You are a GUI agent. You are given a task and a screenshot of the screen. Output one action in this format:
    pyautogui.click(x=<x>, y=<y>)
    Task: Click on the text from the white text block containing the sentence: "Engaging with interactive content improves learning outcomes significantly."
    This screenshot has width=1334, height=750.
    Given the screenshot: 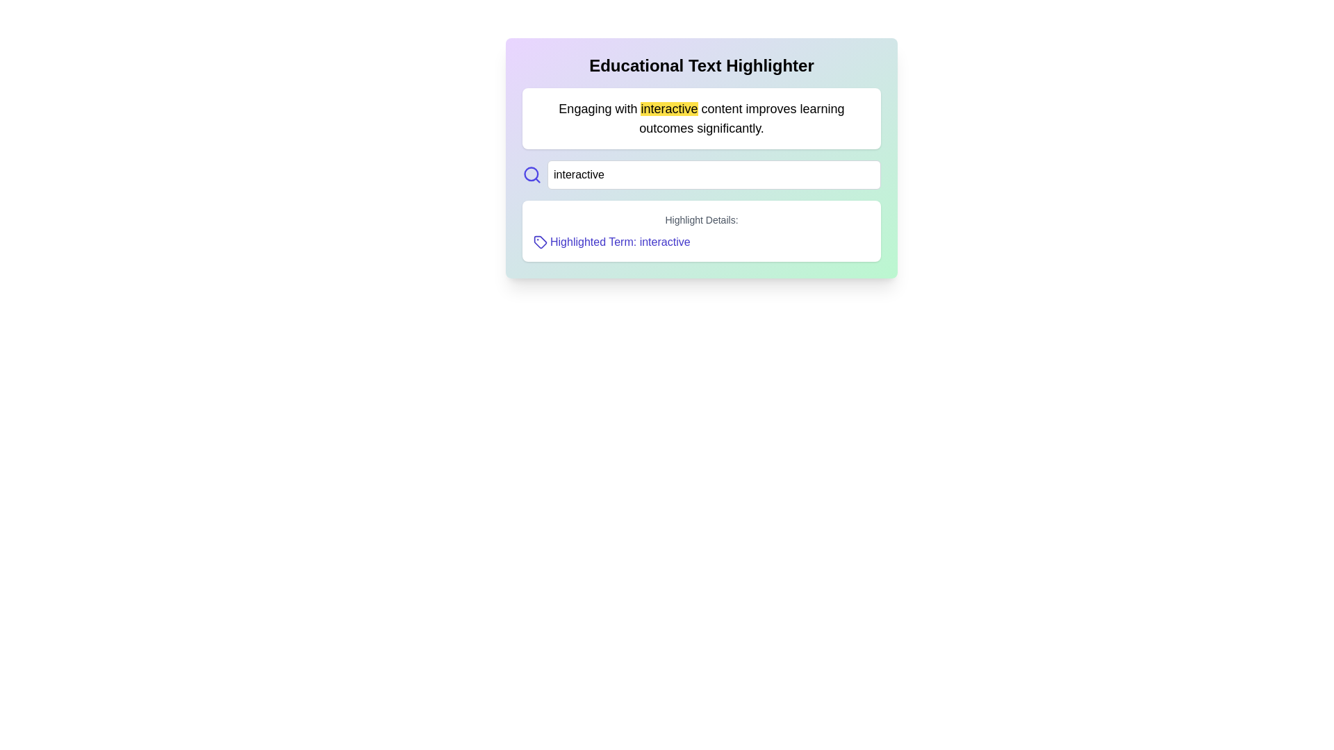 What is the action you would take?
    pyautogui.click(x=701, y=117)
    